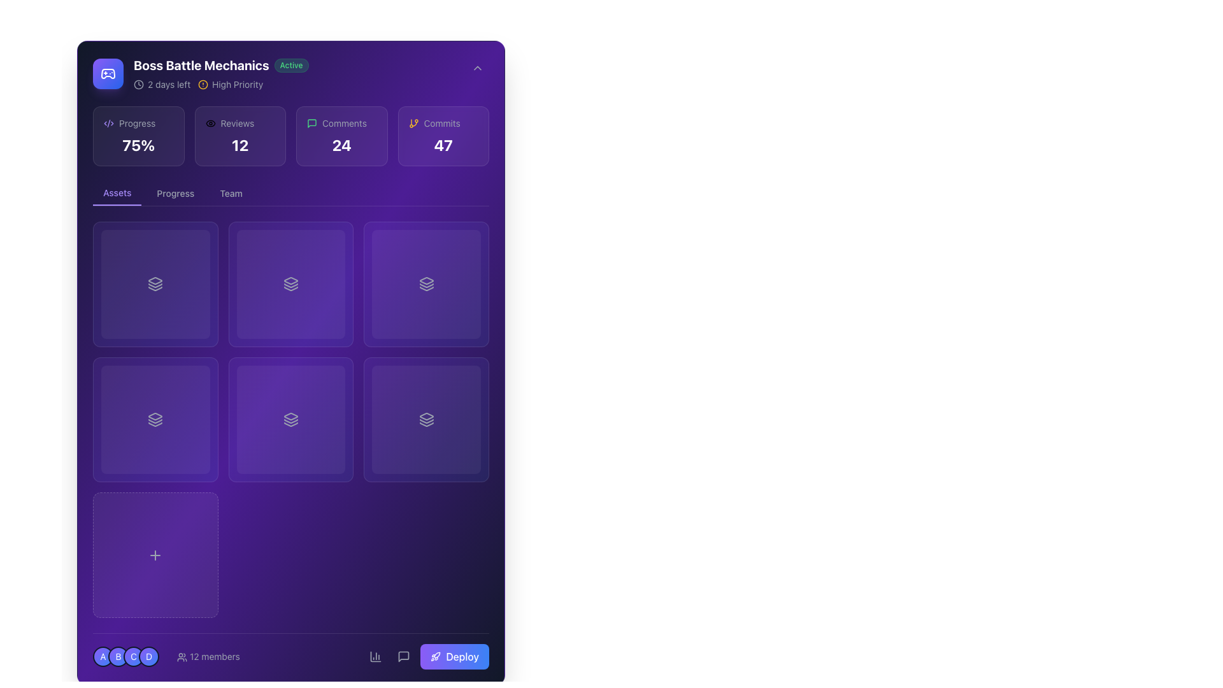 The width and height of the screenshot is (1223, 688). I want to click on the Text Label that indicates the current state of progress, located in the upper left panel, to check for additional information if interactivity is supported, so click(137, 123).